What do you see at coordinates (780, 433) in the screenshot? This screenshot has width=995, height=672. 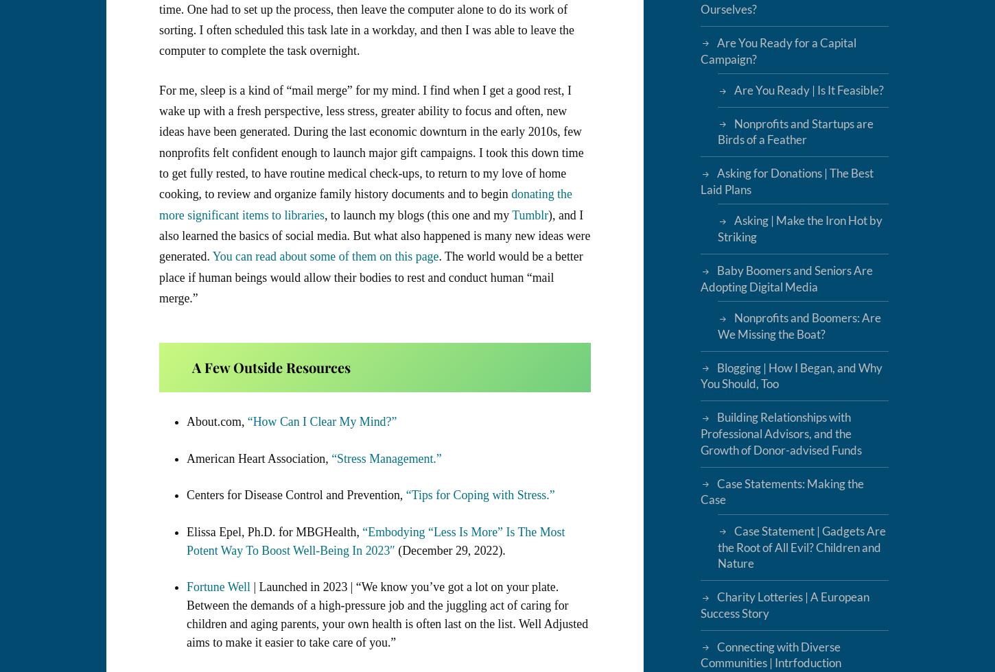 I see `'Building Relationships with Professional Advisors, and the Growth of Donor-advised Funds'` at bounding box center [780, 433].